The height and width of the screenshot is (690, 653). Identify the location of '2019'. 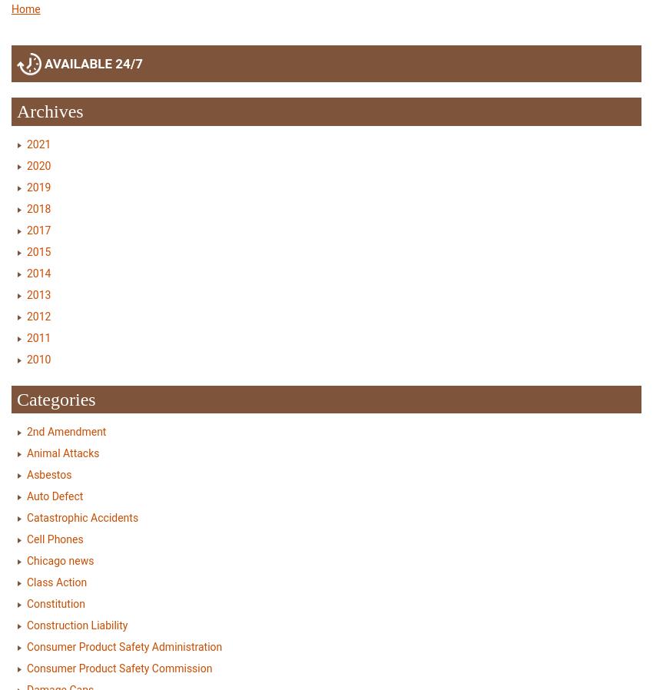
(38, 186).